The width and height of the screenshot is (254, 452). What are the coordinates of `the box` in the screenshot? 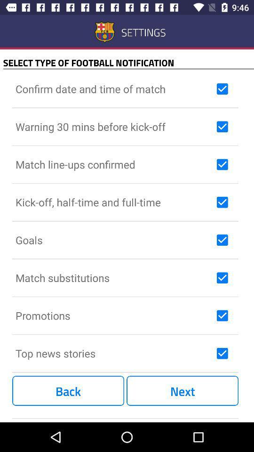 It's located at (222, 315).